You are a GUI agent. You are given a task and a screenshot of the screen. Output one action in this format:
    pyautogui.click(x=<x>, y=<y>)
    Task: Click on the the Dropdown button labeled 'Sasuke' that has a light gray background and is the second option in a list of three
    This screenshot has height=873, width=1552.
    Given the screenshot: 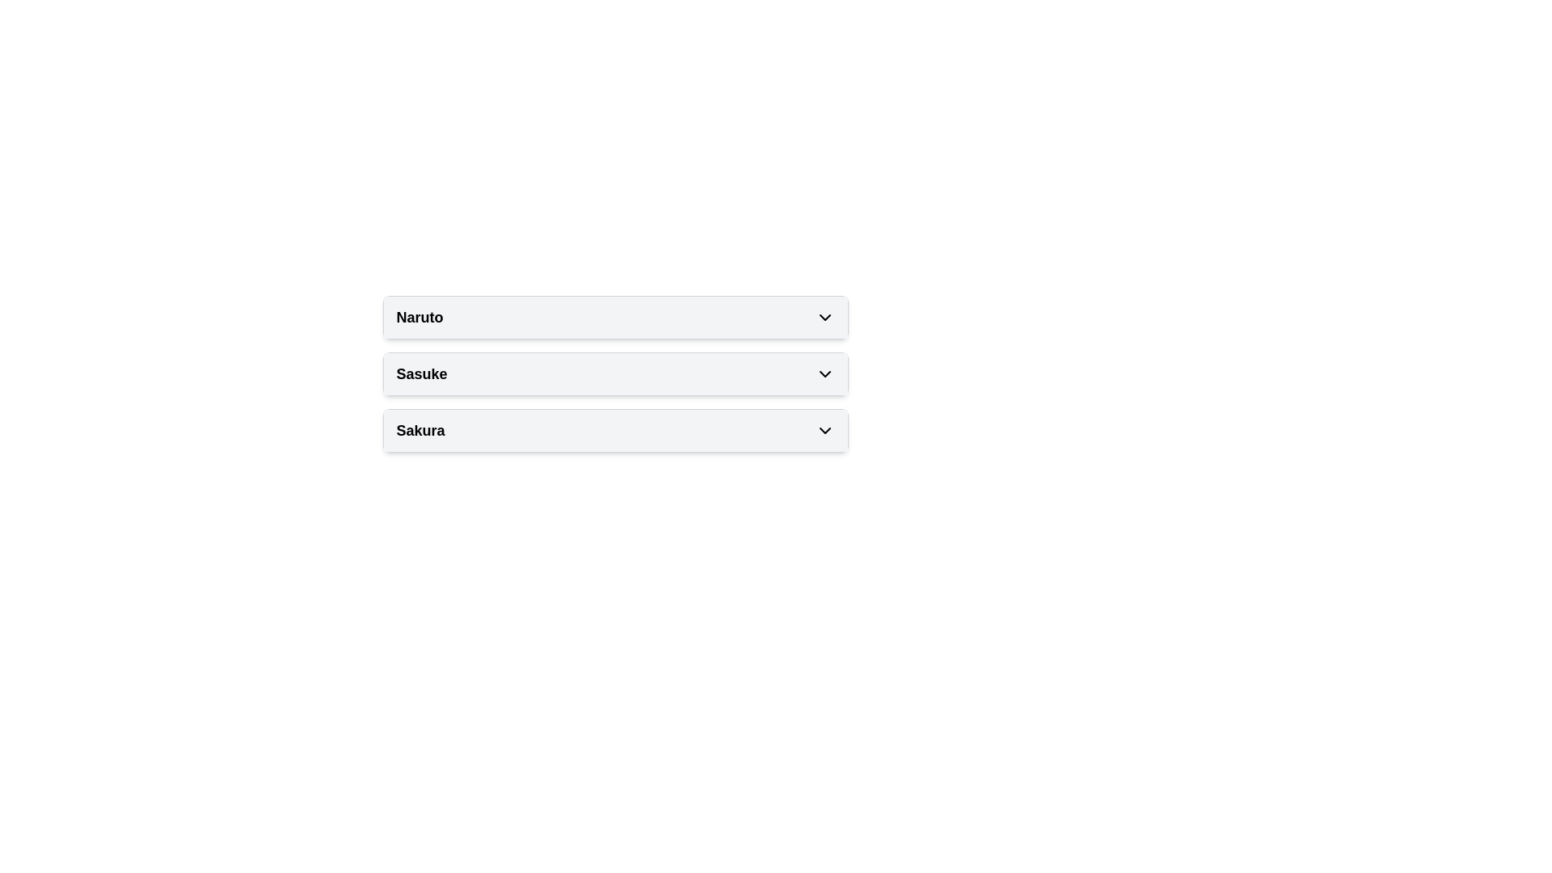 What is the action you would take?
    pyautogui.click(x=614, y=373)
    